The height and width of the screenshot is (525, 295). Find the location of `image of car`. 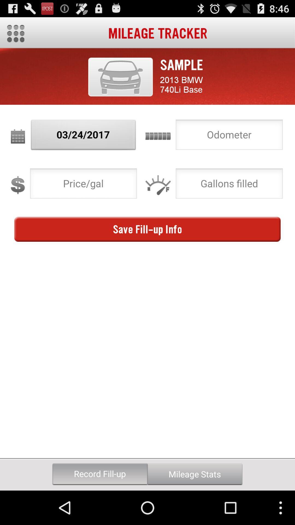

image of car is located at coordinates (120, 77).